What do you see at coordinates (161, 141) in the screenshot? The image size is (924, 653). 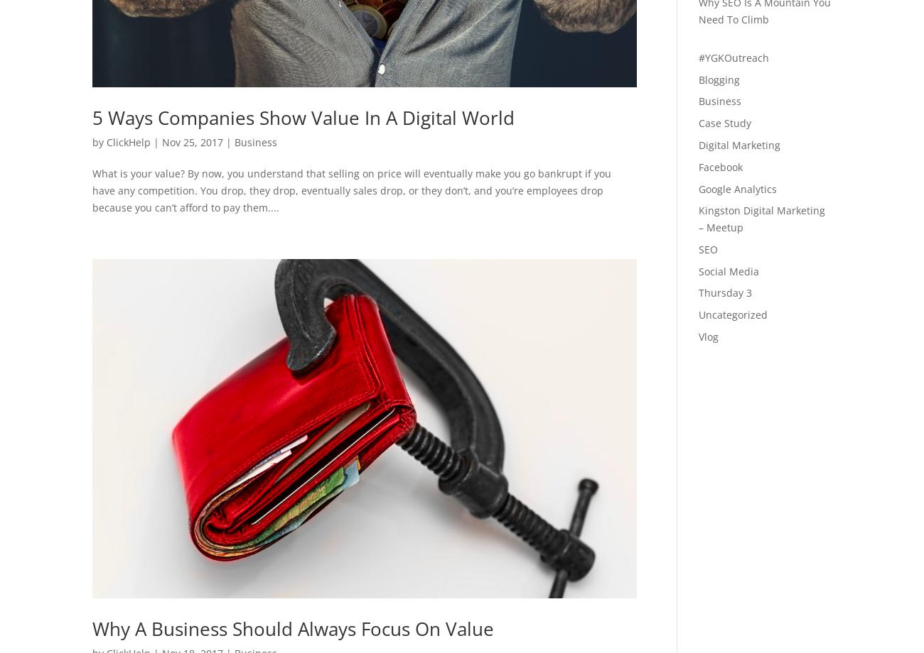 I see `'Nov 25, 2017'` at bounding box center [161, 141].